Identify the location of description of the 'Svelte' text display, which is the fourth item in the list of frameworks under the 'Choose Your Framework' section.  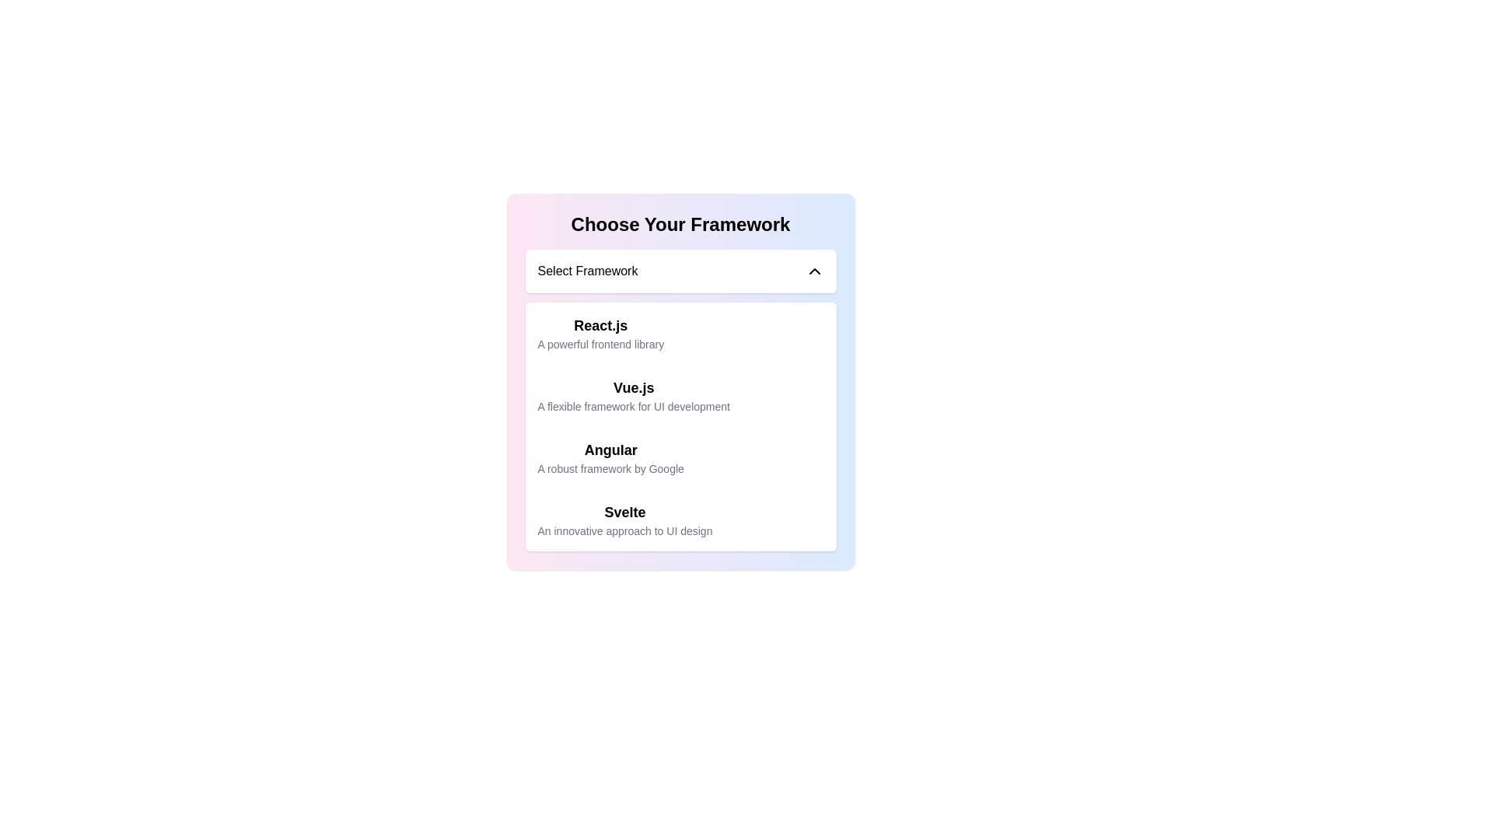
(624, 520).